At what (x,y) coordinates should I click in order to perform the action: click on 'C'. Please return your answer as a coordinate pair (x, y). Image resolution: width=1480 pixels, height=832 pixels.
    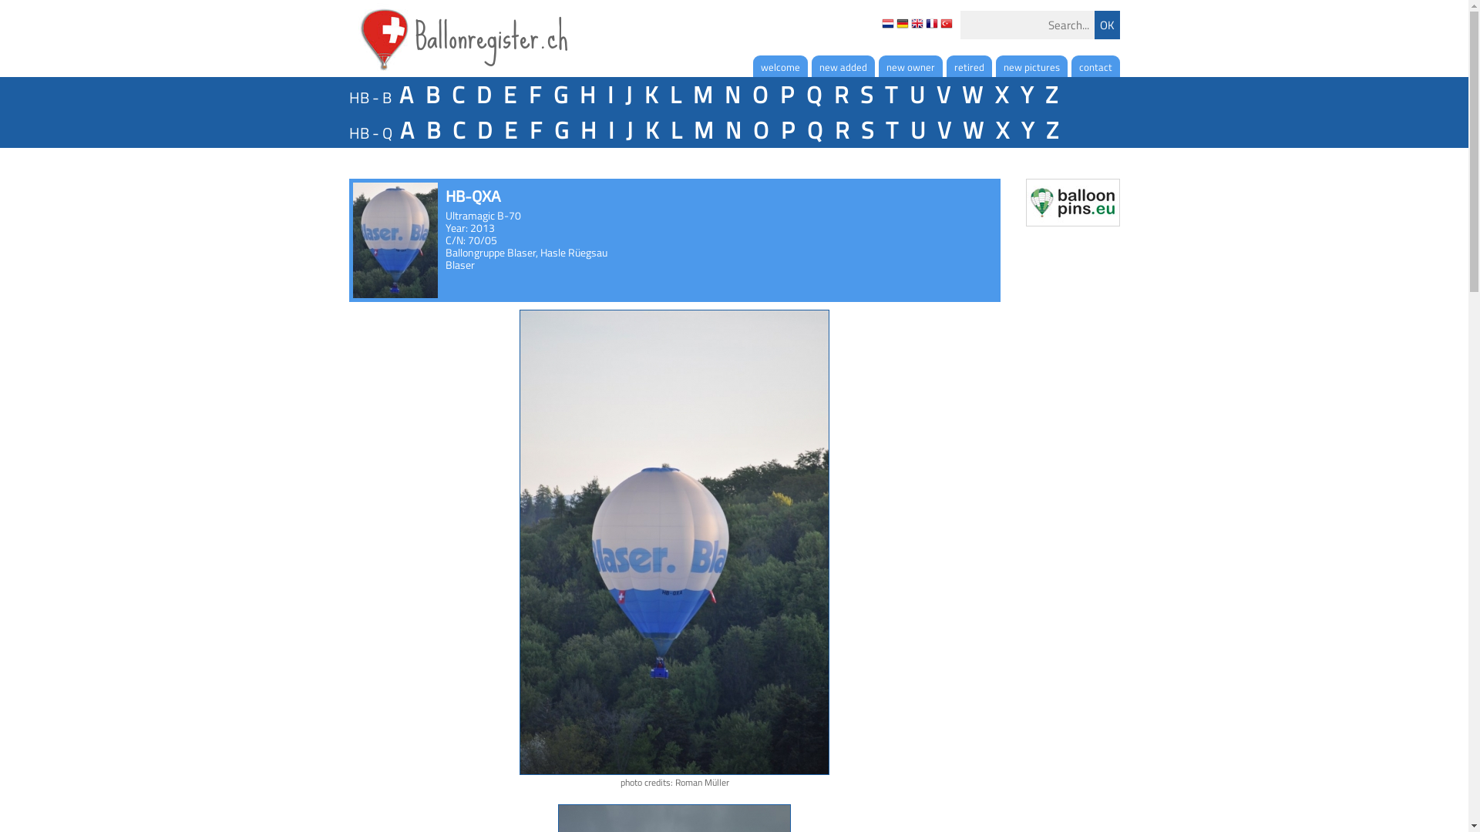
    Looking at the image, I should click on (457, 129).